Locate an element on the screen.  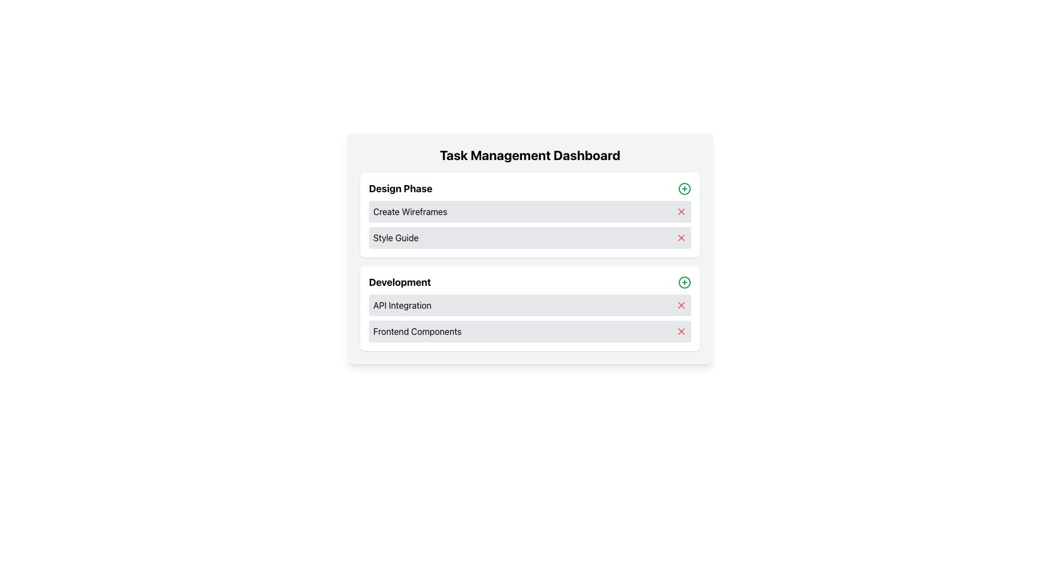
the red 'X' icon located at the end of the 'Frontend Components' row in the bottom section of the 'Development' phase card is located at coordinates (681, 331).